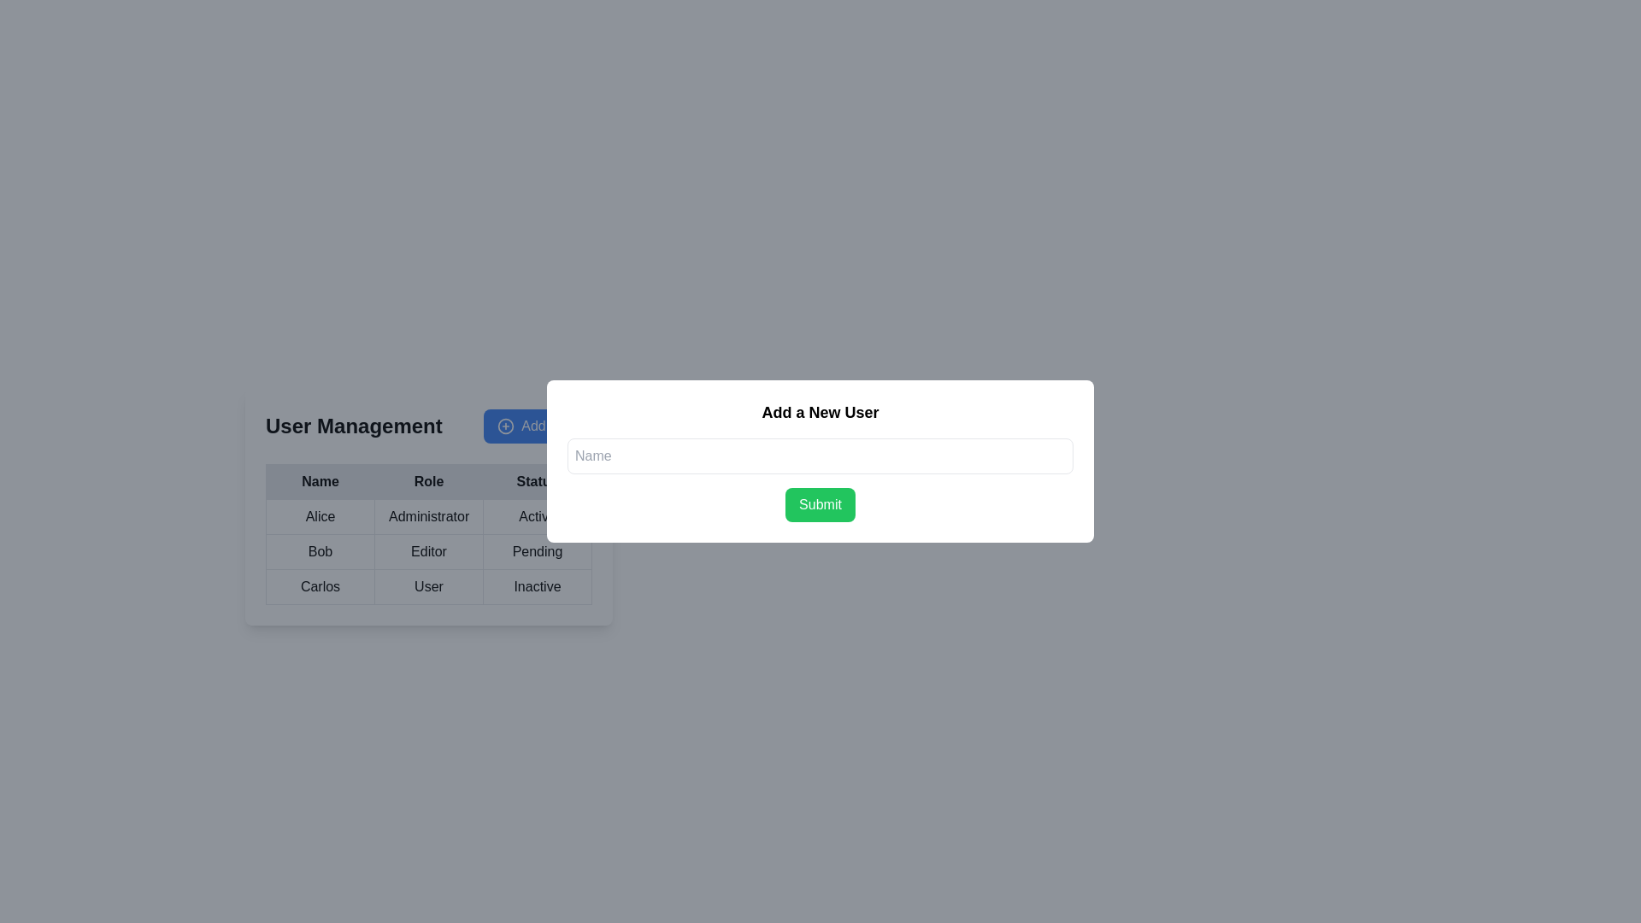 This screenshot has width=1641, height=923. Describe the element at coordinates (536, 481) in the screenshot. I see `the 'Status' column header label in the table, which is the third column header located to the right of the 'Role' column` at that location.